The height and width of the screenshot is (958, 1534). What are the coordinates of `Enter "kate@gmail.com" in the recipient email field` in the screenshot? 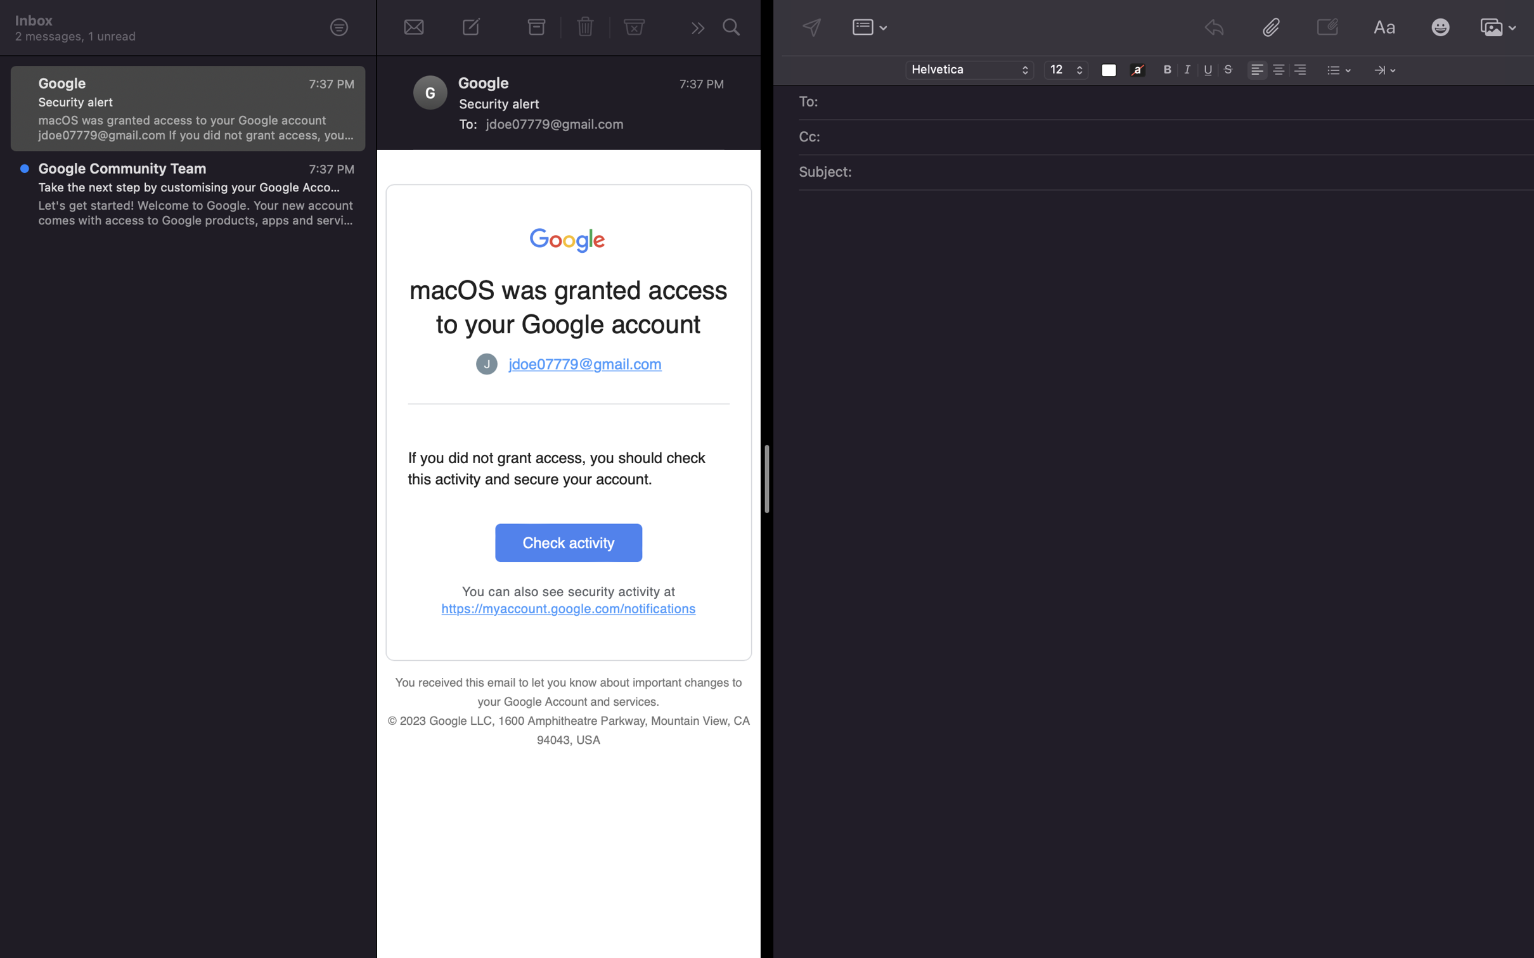 It's located at (1175, 103).